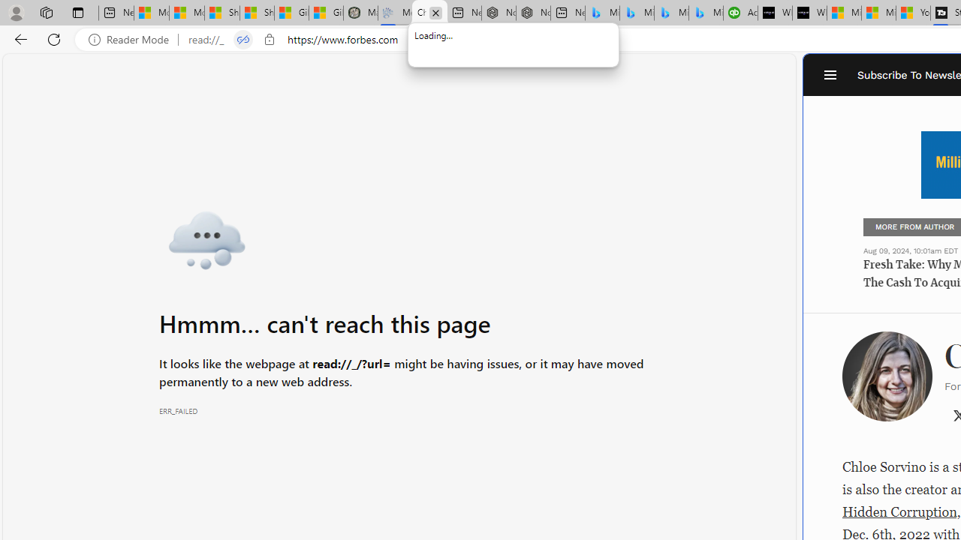 Image resolution: width=961 pixels, height=540 pixels. I want to click on 'Gilma and Hector both pose tropical trouble for Hawaii', so click(325, 13).